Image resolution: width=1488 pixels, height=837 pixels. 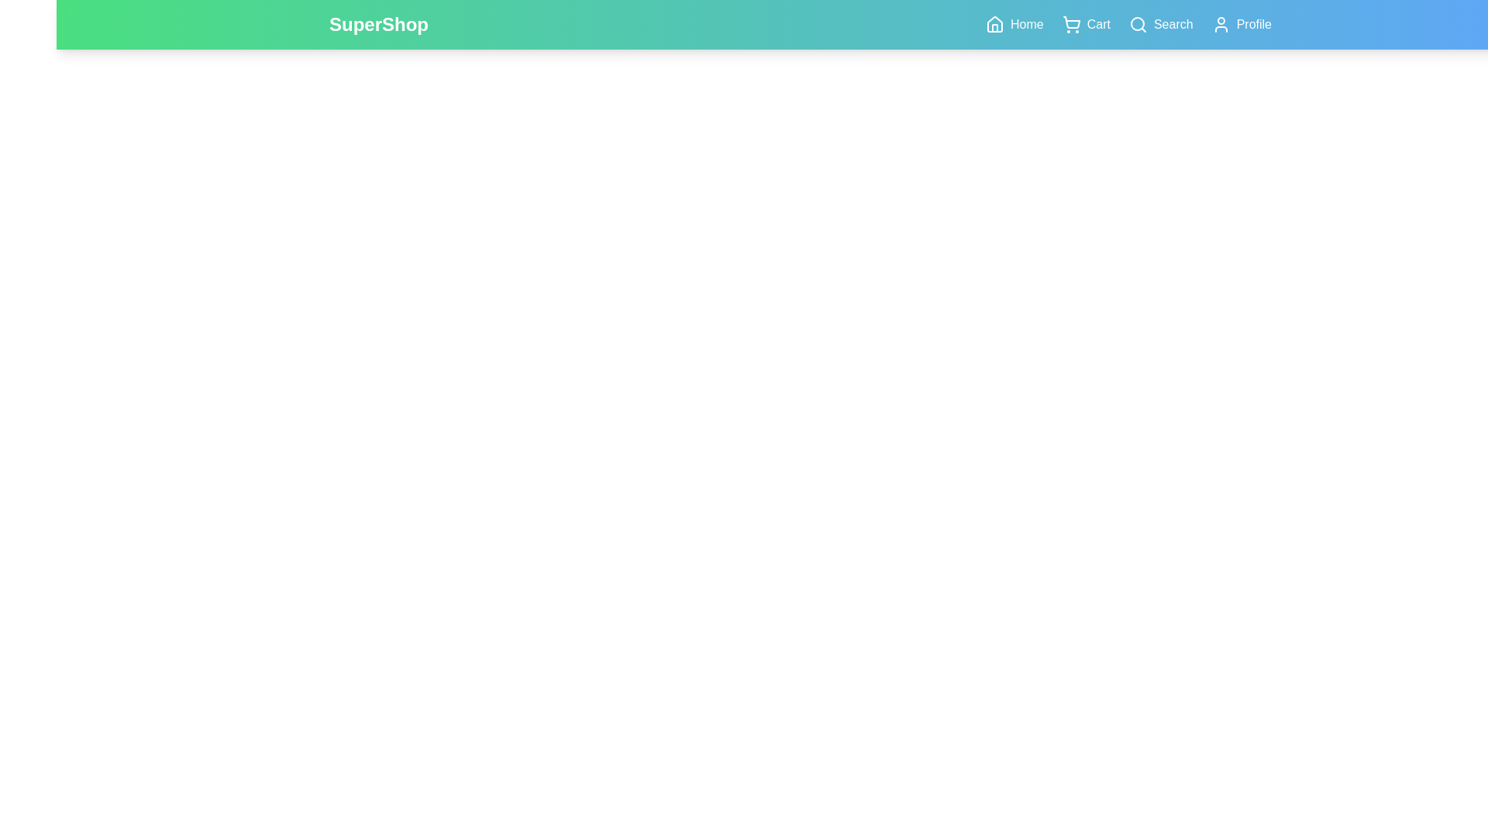 I want to click on the 'Home' button, which is the first button in a row of four, featuring a white house icon and white text on a blue background, so click(x=1014, y=24).